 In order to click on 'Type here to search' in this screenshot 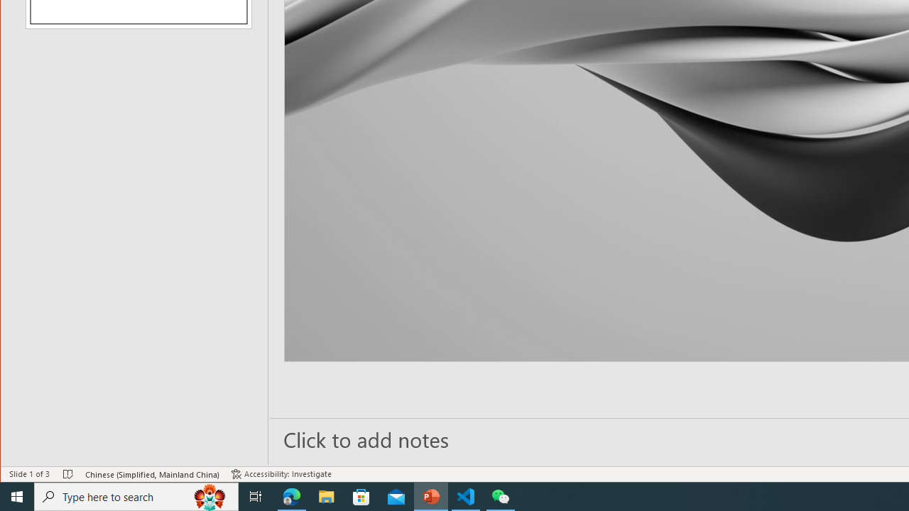, I will do `click(136, 495)`.